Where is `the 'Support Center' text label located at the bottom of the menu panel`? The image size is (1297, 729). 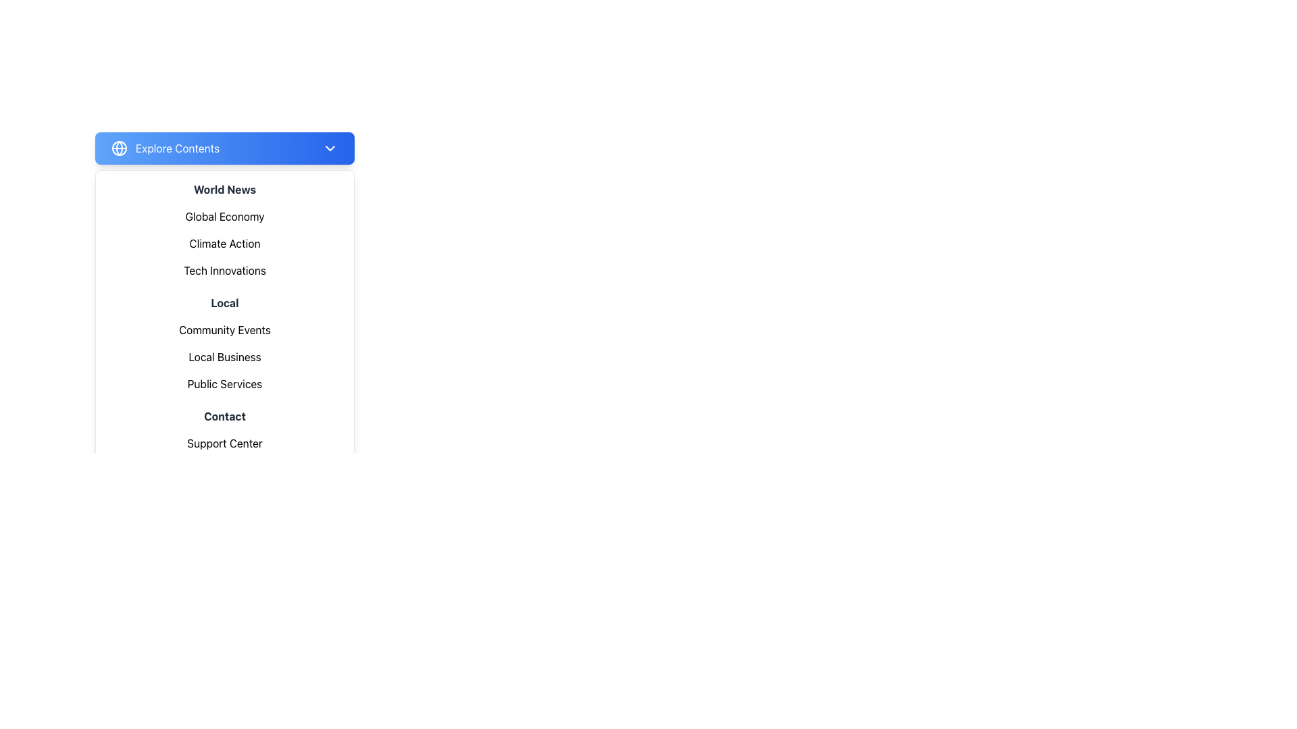 the 'Support Center' text label located at the bottom of the menu panel is located at coordinates (224, 443).